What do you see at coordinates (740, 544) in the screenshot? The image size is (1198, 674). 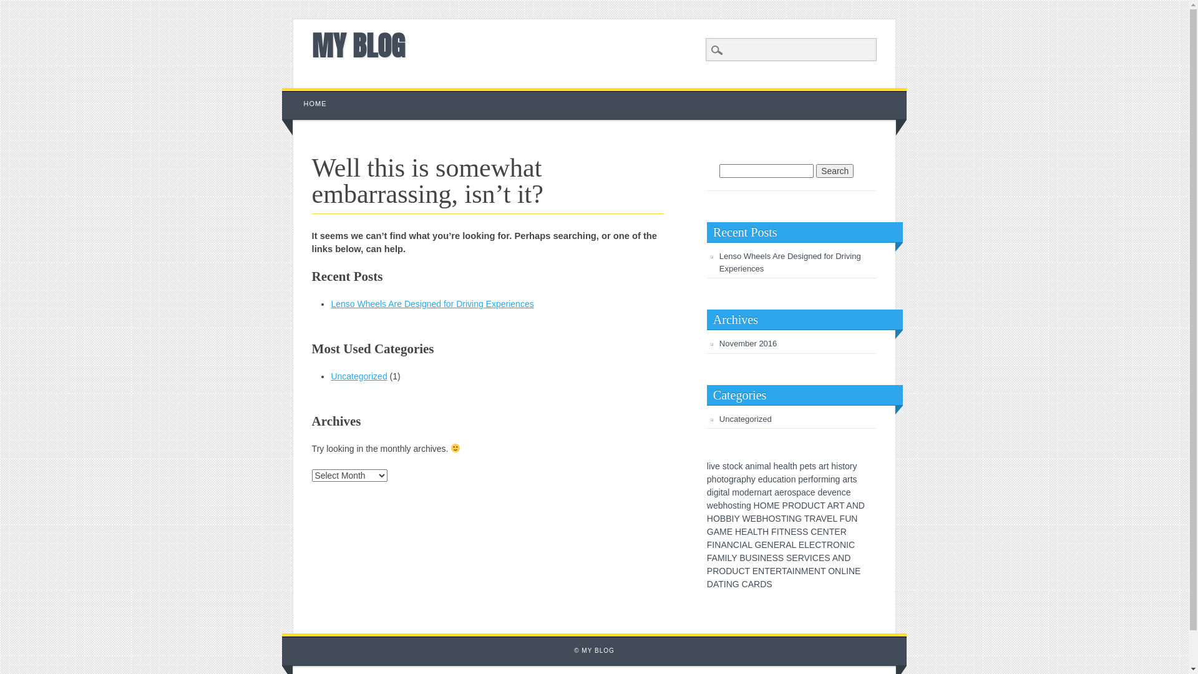 I see `'I'` at bounding box center [740, 544].